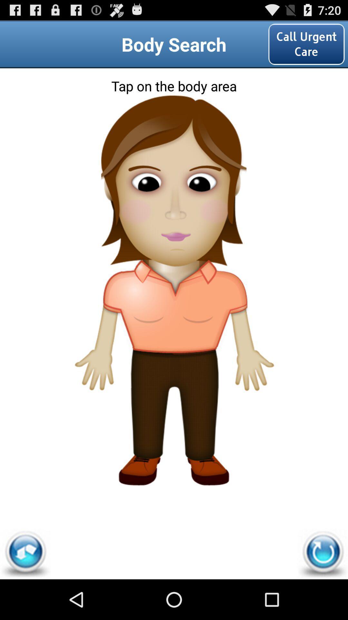 Image resolution: width=348 pixels, height=620 pixels. What do you see at coordinates (306, 44) in the screenshot?
I see `call urgent care` at bounding box center [306, 44].